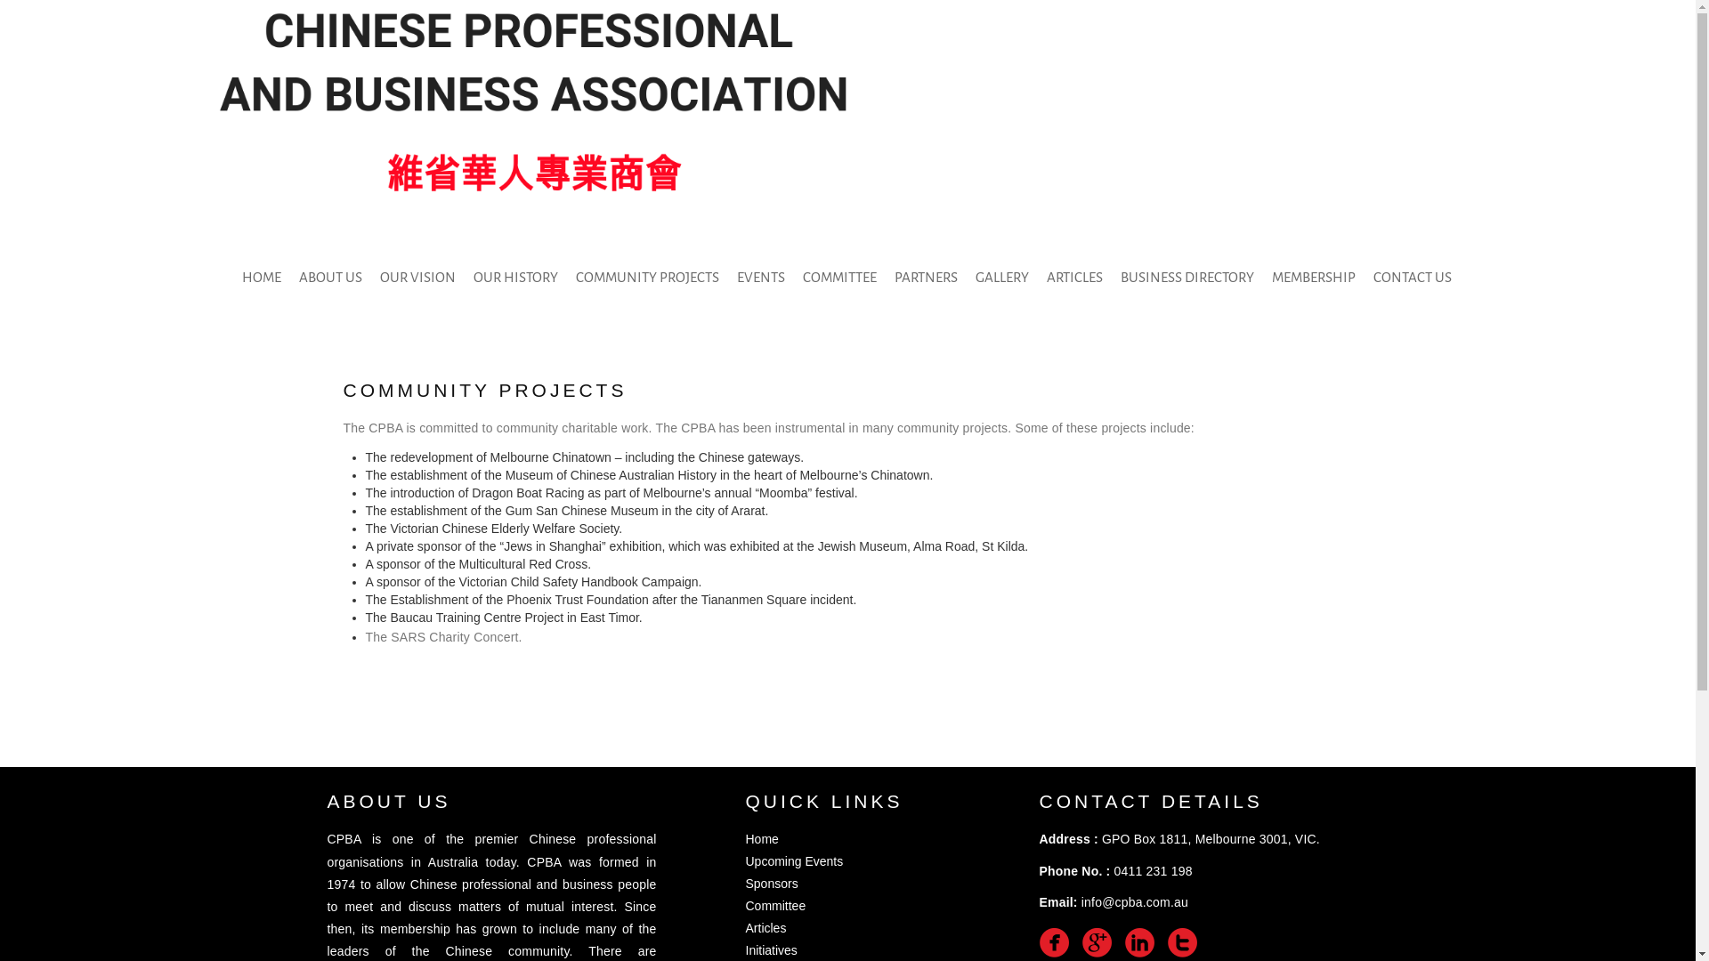  Describe the element at coordinates (1314, 278) in the screenshot. I see `'MEMBERSHIP'` at that location.